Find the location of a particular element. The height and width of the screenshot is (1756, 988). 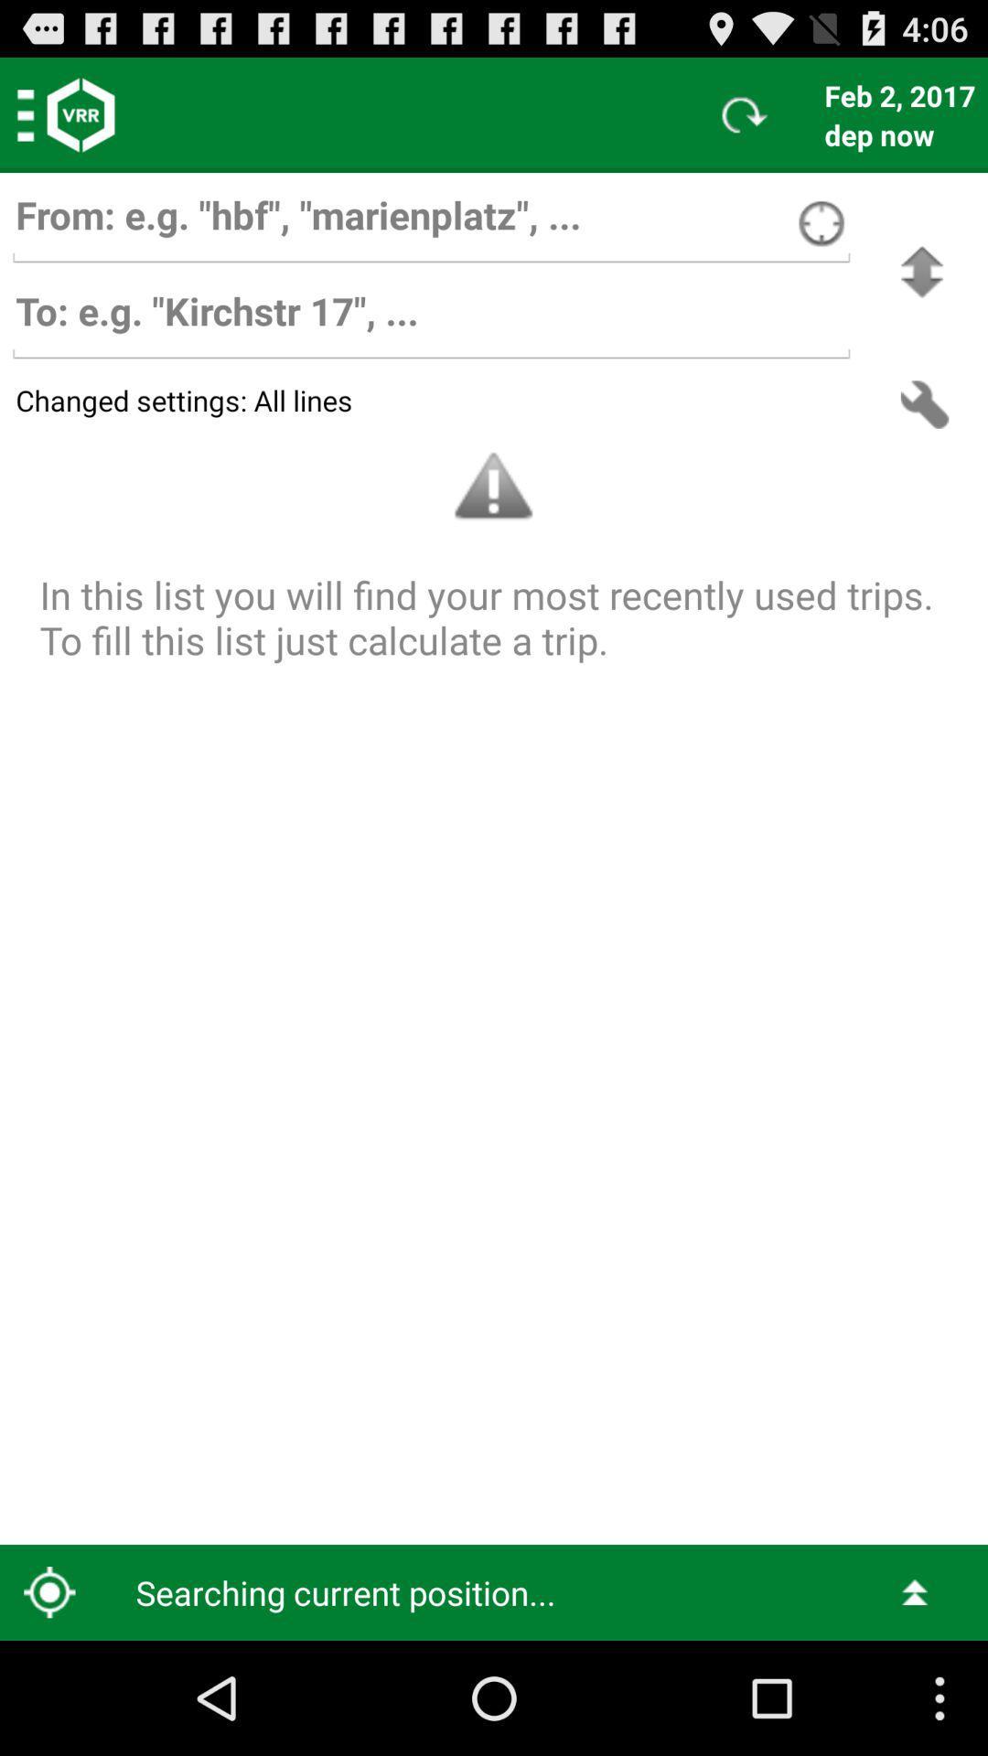

icon to the left of feb 2, 2017 item is located at coordinates (745, 113).